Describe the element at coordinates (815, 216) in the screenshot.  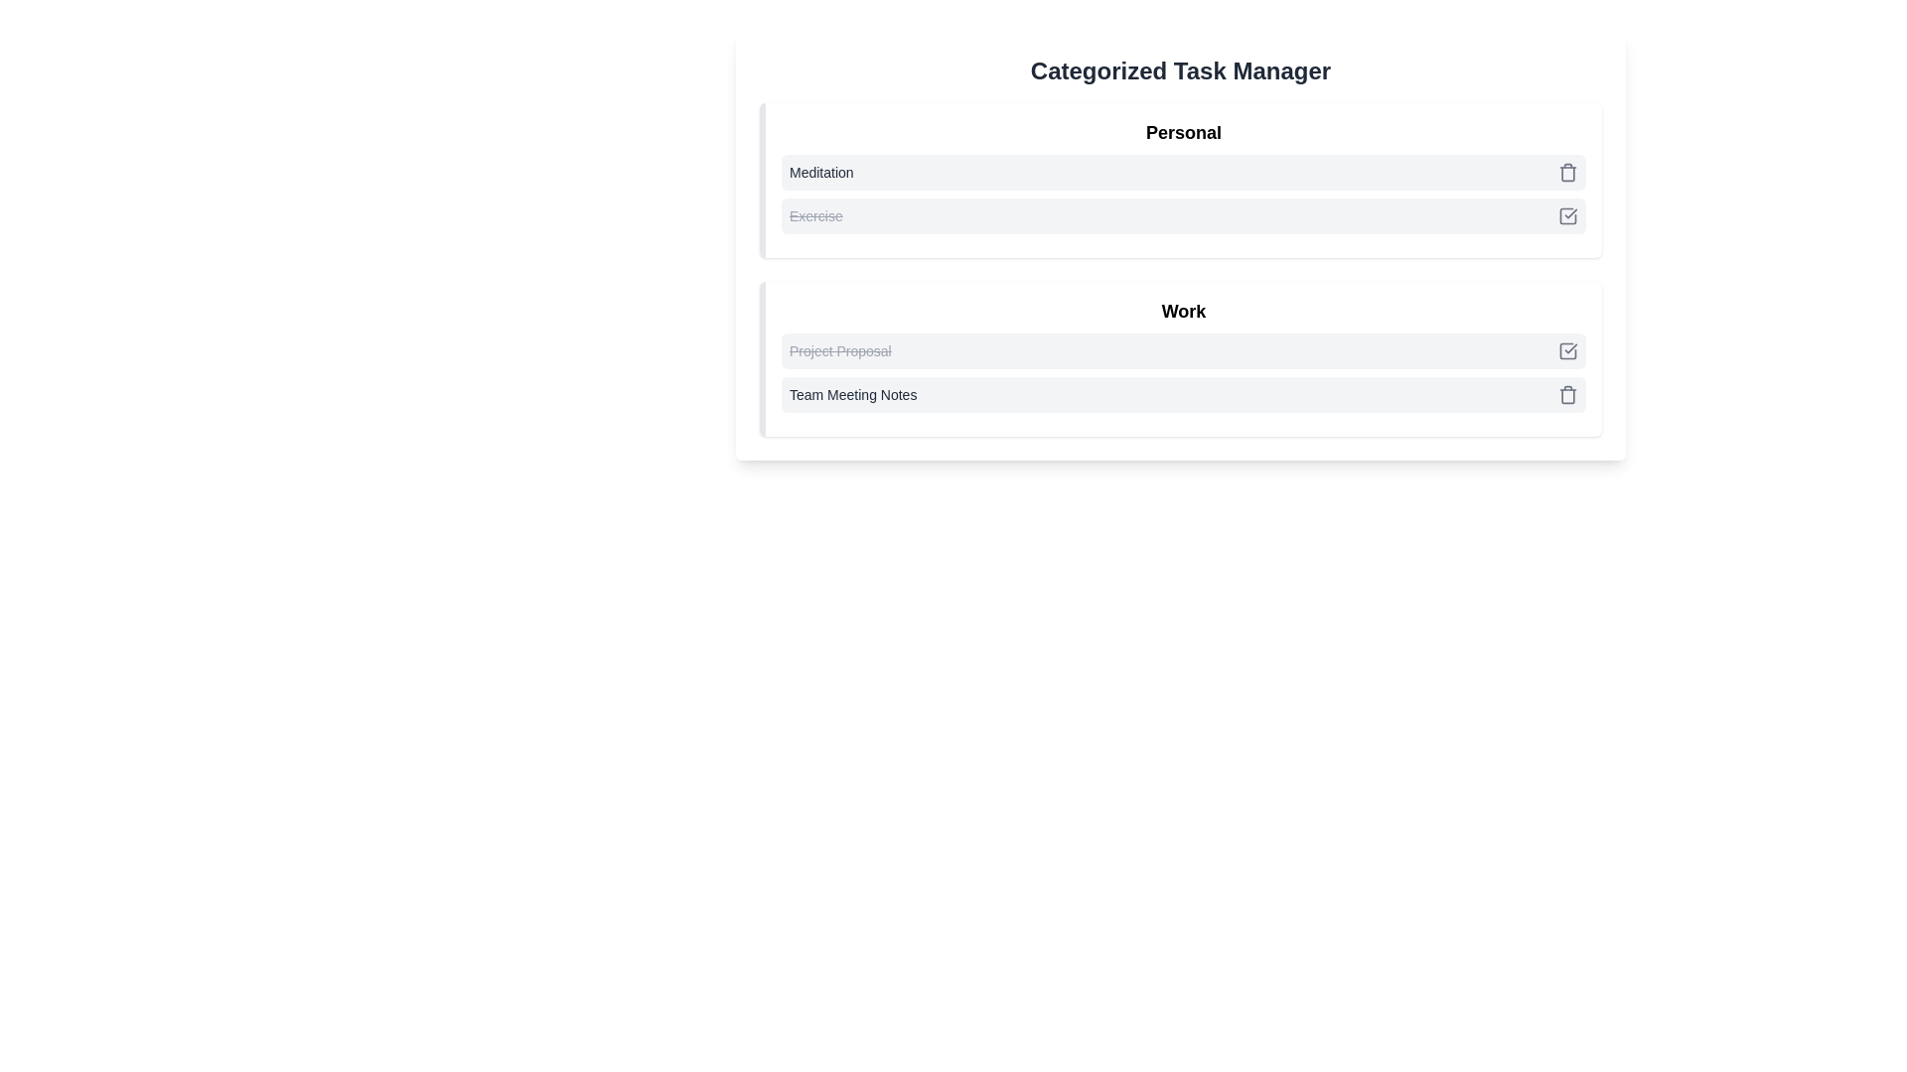
I see `the text label element displaying 'Exercise', which is styled with a line-through to indicate completion and is located in the 'Personal' task section of the task manager interface` at that location.